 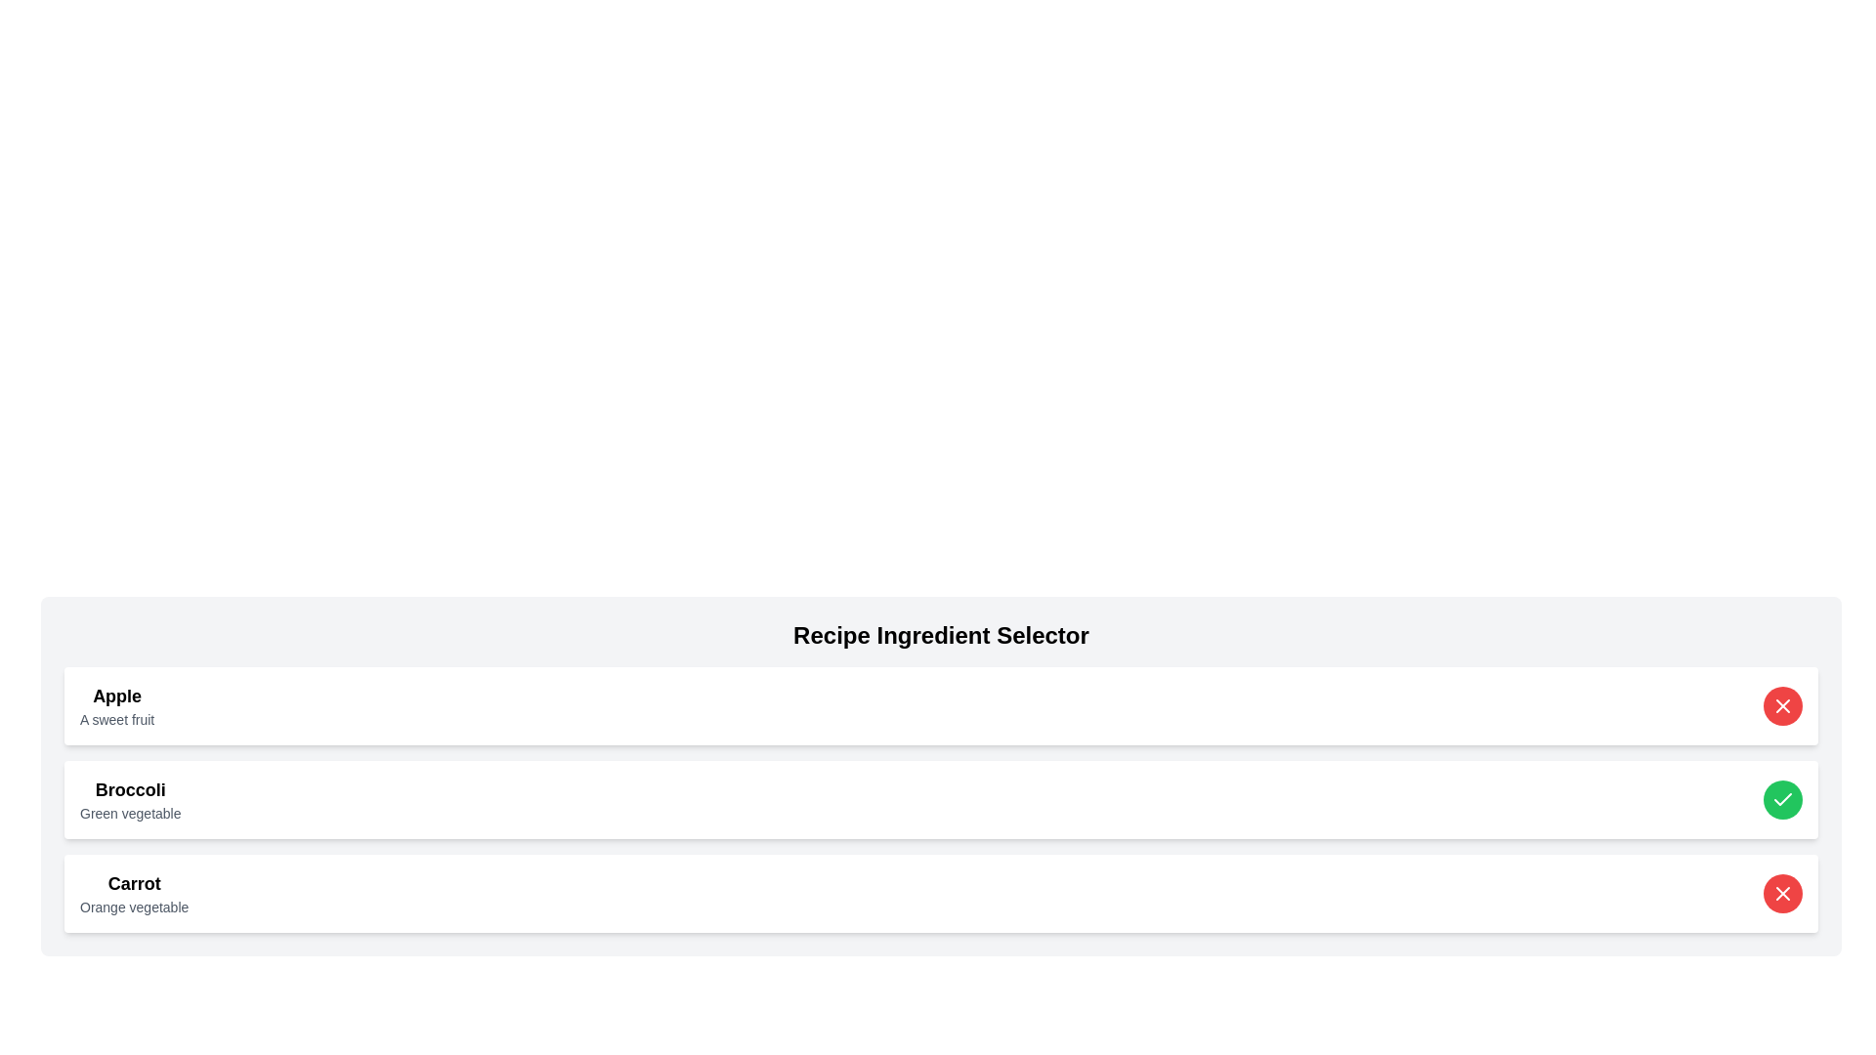 What do you see at coordinates (133, 907) in the screenshot?
I see `text from the label containing 'Orange vegetable', which is styled in a smaller font size and gray color, located directly below the 'Carrot' label` at bounding box center [133, 907].